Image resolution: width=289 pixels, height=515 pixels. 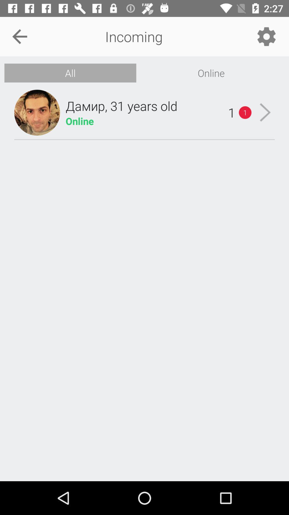 What do you see at coordinates (121, 106) in the screenshot?
I see `icon to the left of 1` at bounding box center [121, 106].